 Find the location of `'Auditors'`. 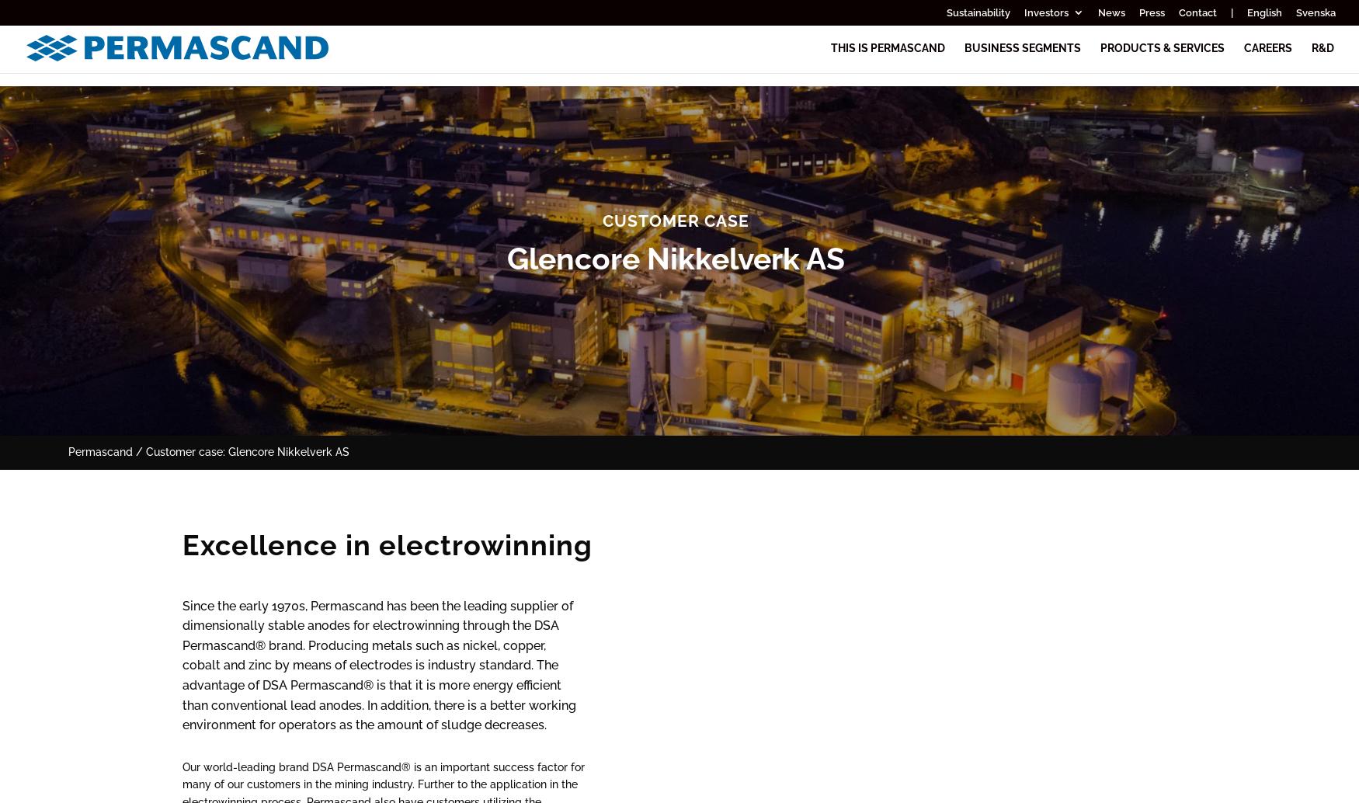

'Auditors' is located at coordinates (1124, 451).